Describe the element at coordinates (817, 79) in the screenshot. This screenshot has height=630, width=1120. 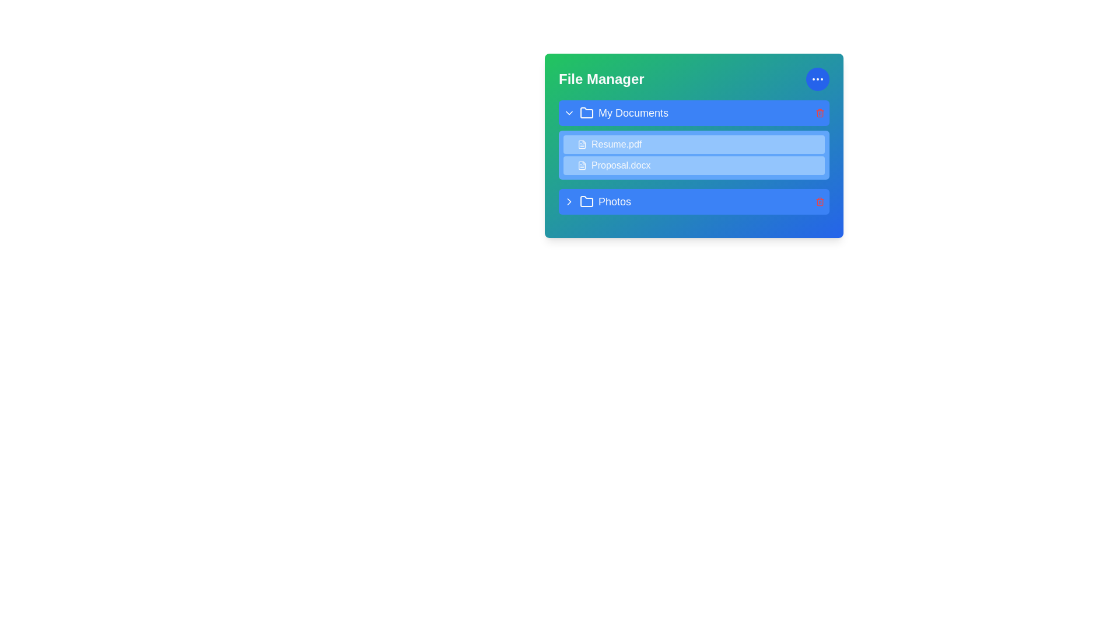
I see `the 'options' icon within the button` at that location.